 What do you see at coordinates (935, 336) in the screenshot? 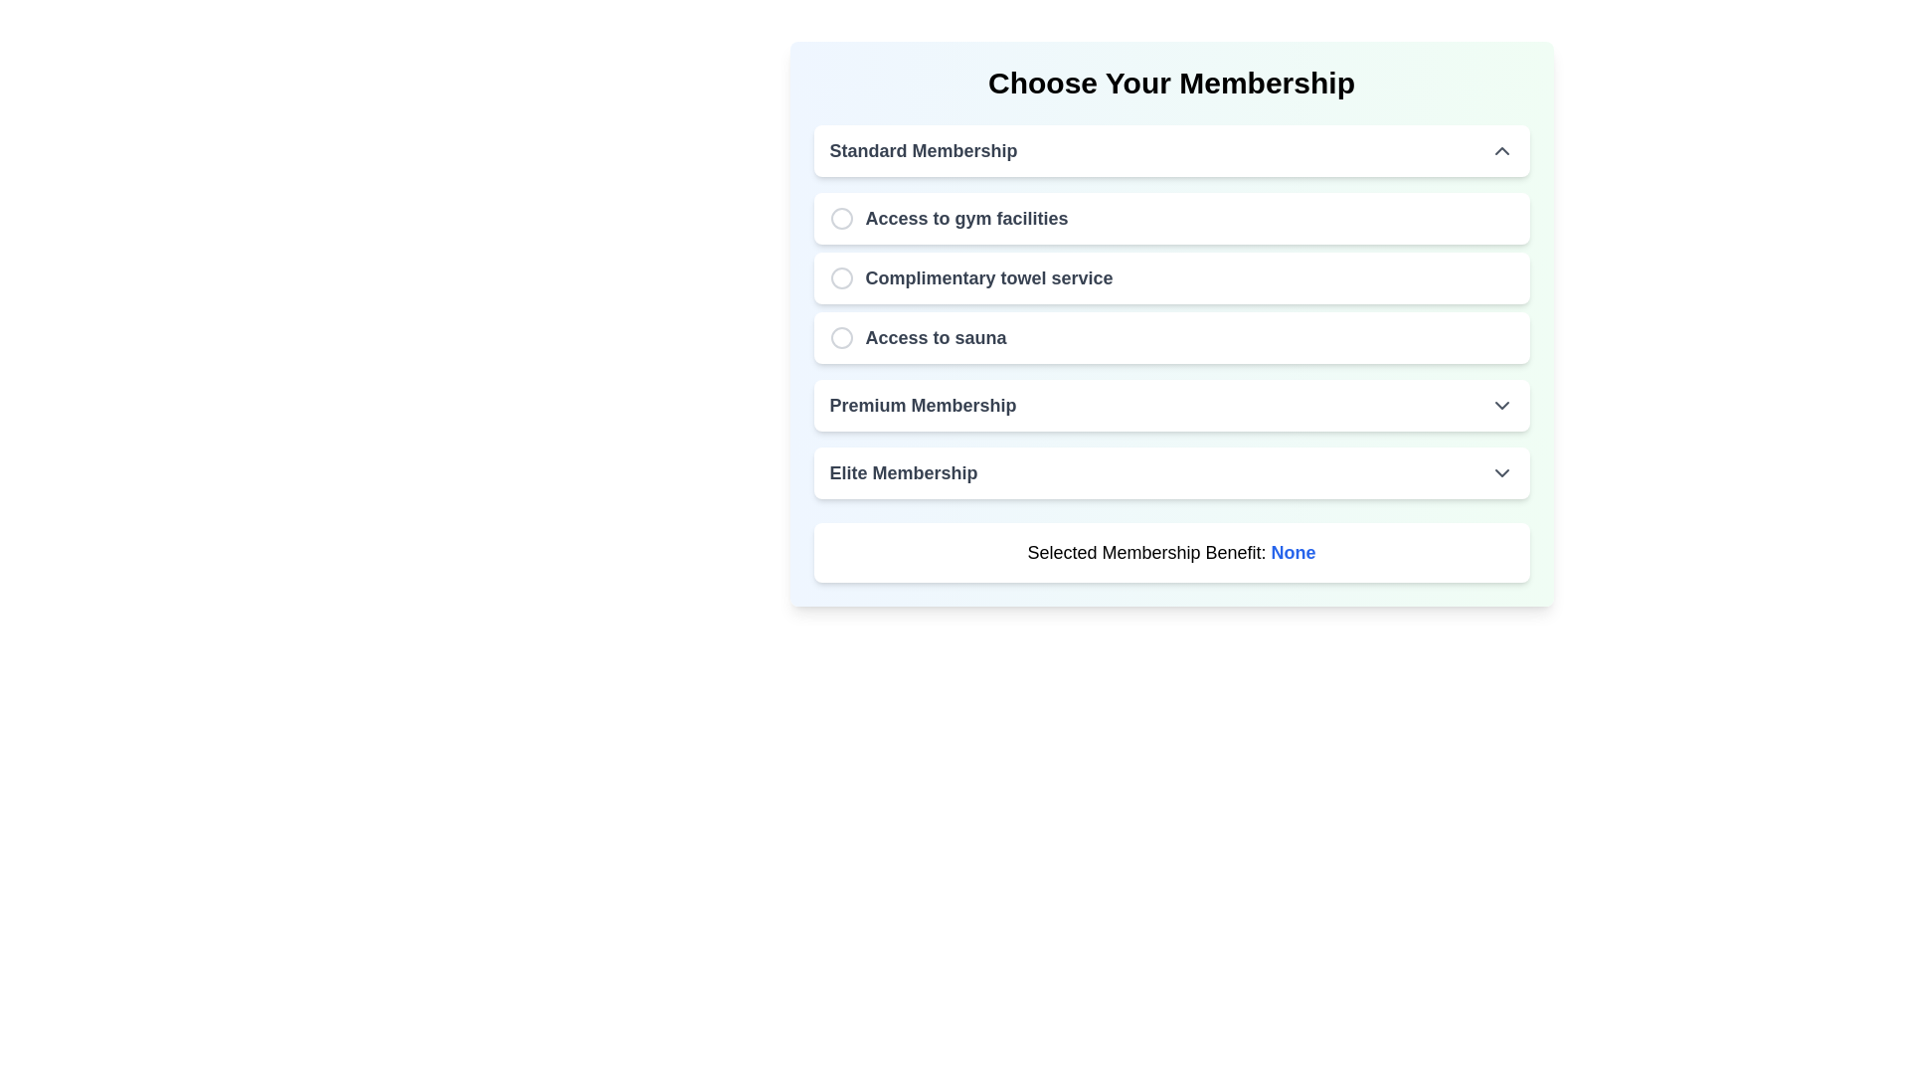
I see `the selectable option for 'Access to sauna' in the membership benefits list, which is the third option below 'Complimentary towel service'` at bounding box center [935, 336].